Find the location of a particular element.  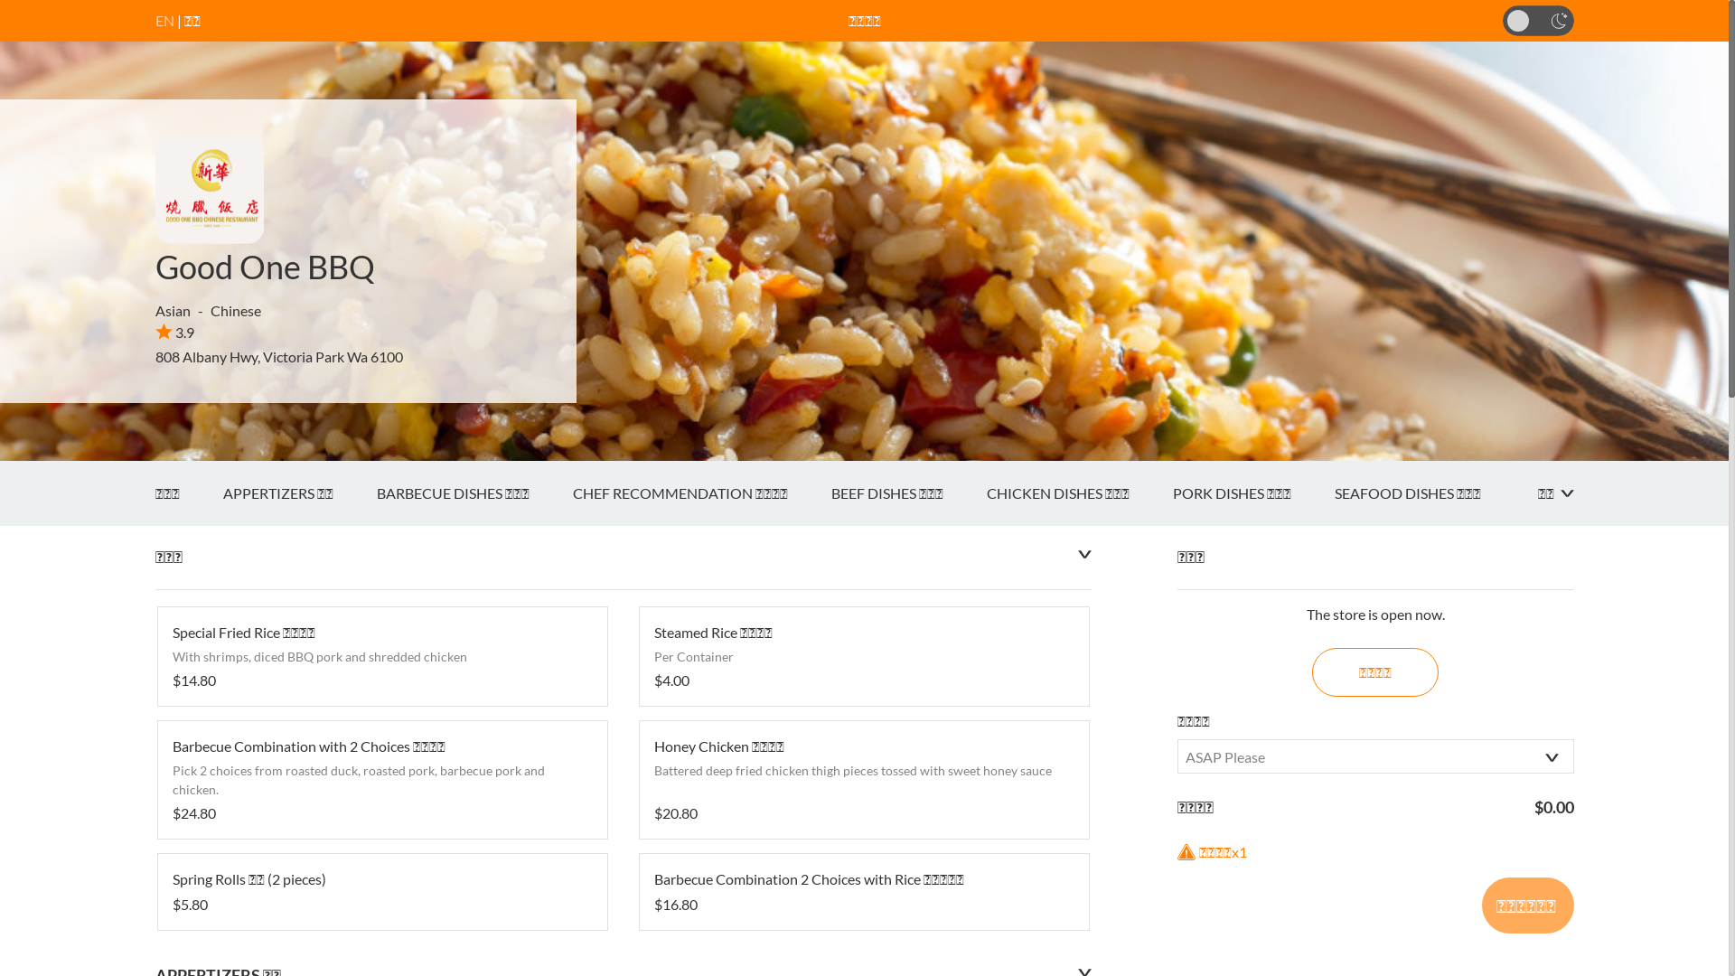

'Good One BBQ' is located at coordinates (264, 266).